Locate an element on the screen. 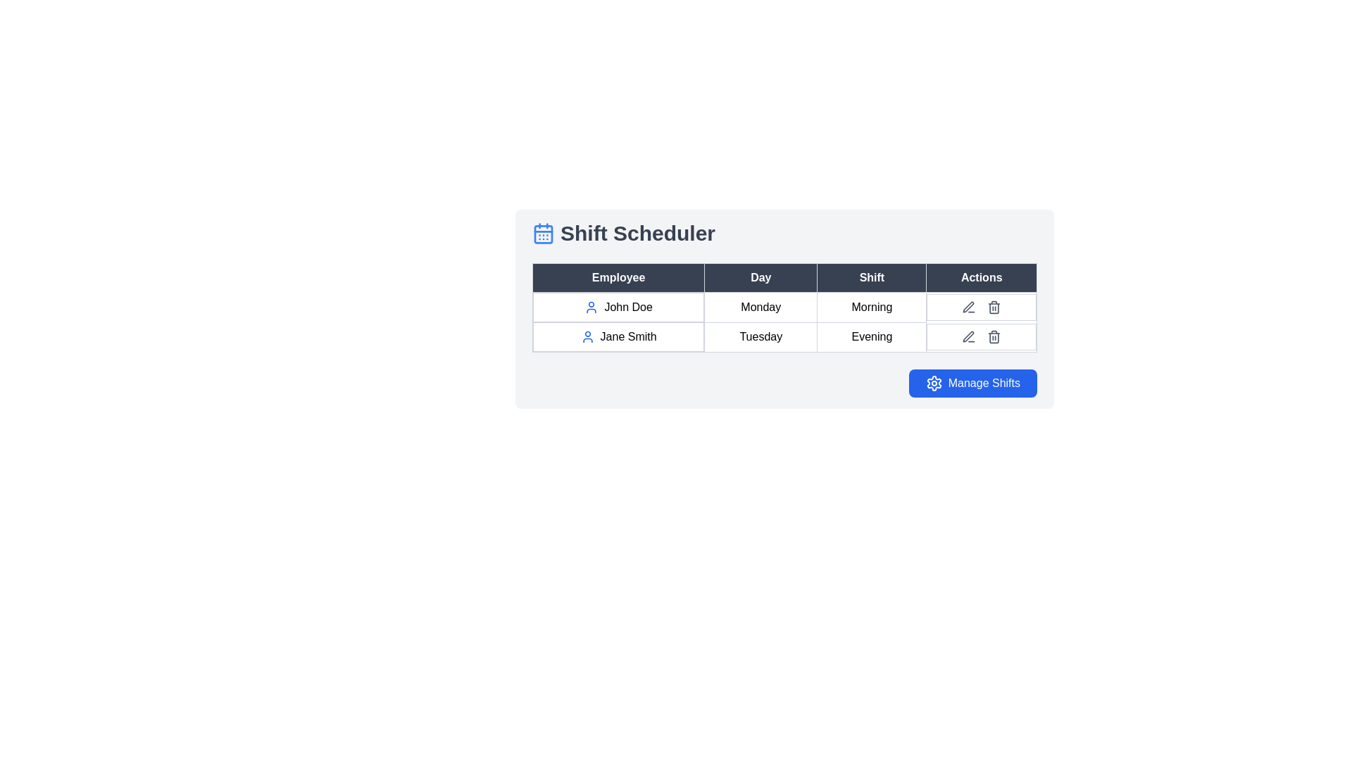  the first data row in the shift schedule table, which specifies the employee's name as 'John Doe', workday as 'Monday', and shift as 'Morning' is located at coordinates (784, 306).